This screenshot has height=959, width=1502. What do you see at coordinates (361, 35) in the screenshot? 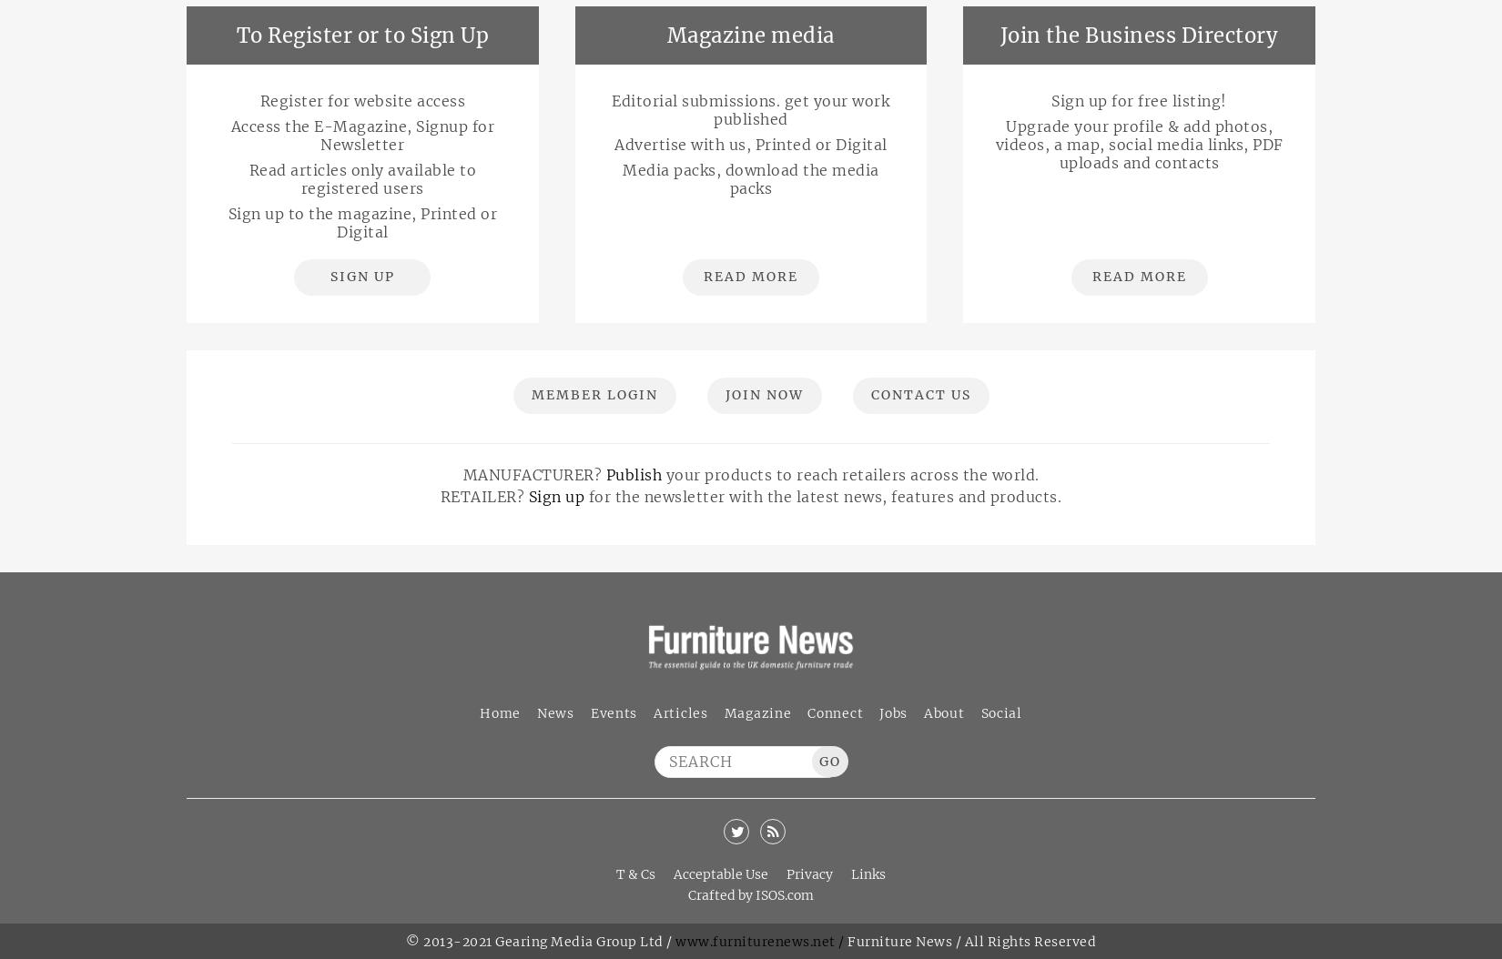
I see `'To Register or to Sign Up'` at bounding box center [361, 35].